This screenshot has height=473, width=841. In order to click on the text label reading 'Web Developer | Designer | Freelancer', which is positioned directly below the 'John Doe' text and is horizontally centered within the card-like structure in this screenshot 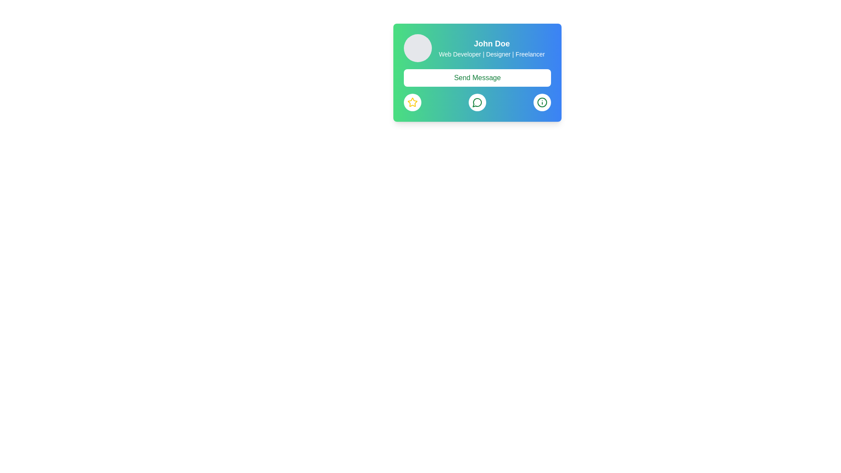, I will do `click(492, 54)`.